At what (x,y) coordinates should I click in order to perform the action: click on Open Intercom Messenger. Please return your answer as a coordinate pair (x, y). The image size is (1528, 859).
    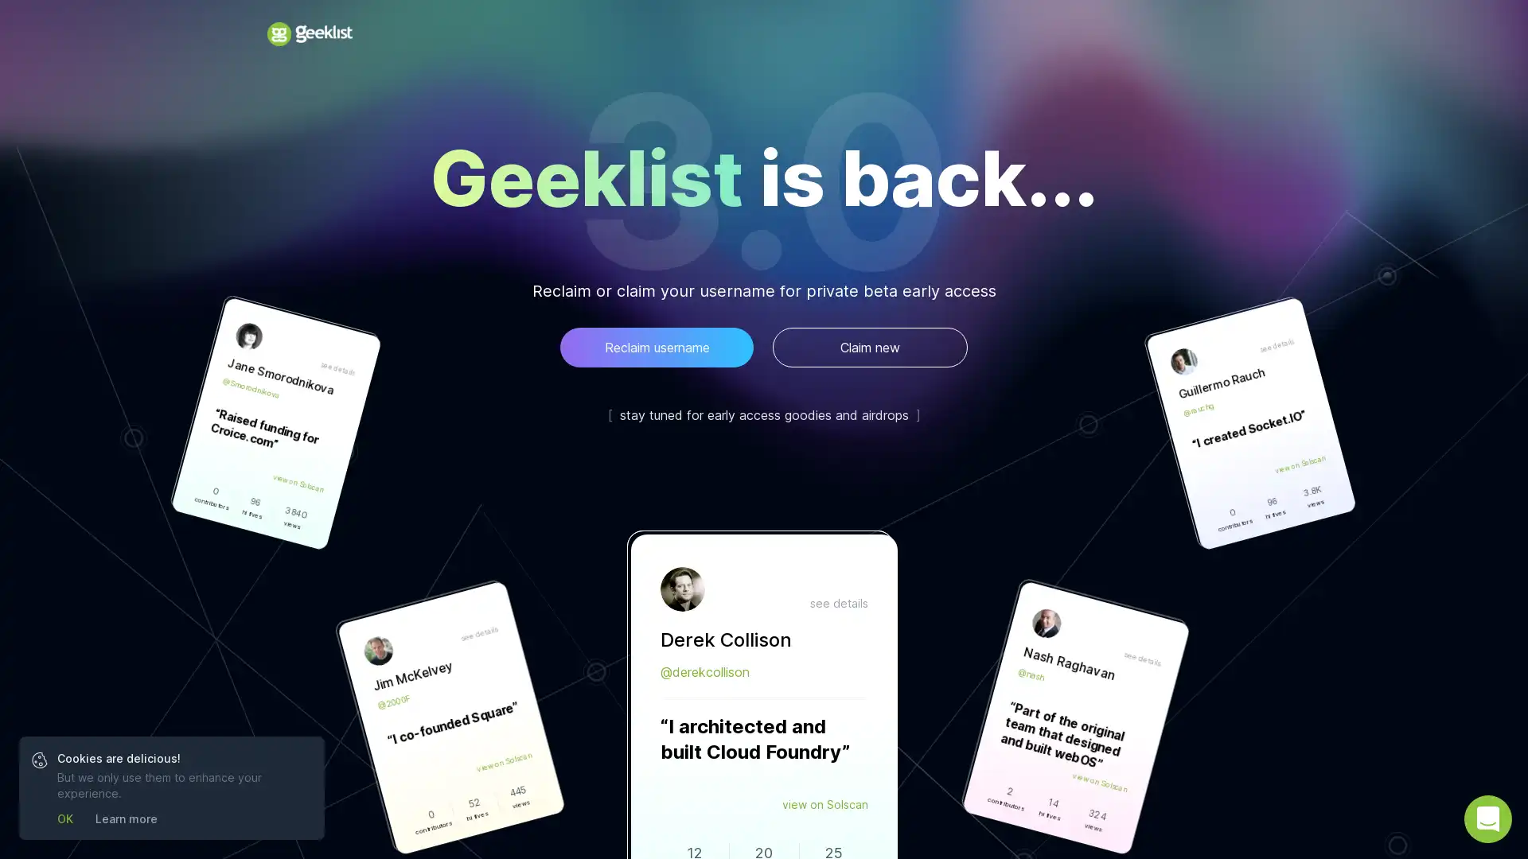
    Looking at the image, I should click on (1487, 818).